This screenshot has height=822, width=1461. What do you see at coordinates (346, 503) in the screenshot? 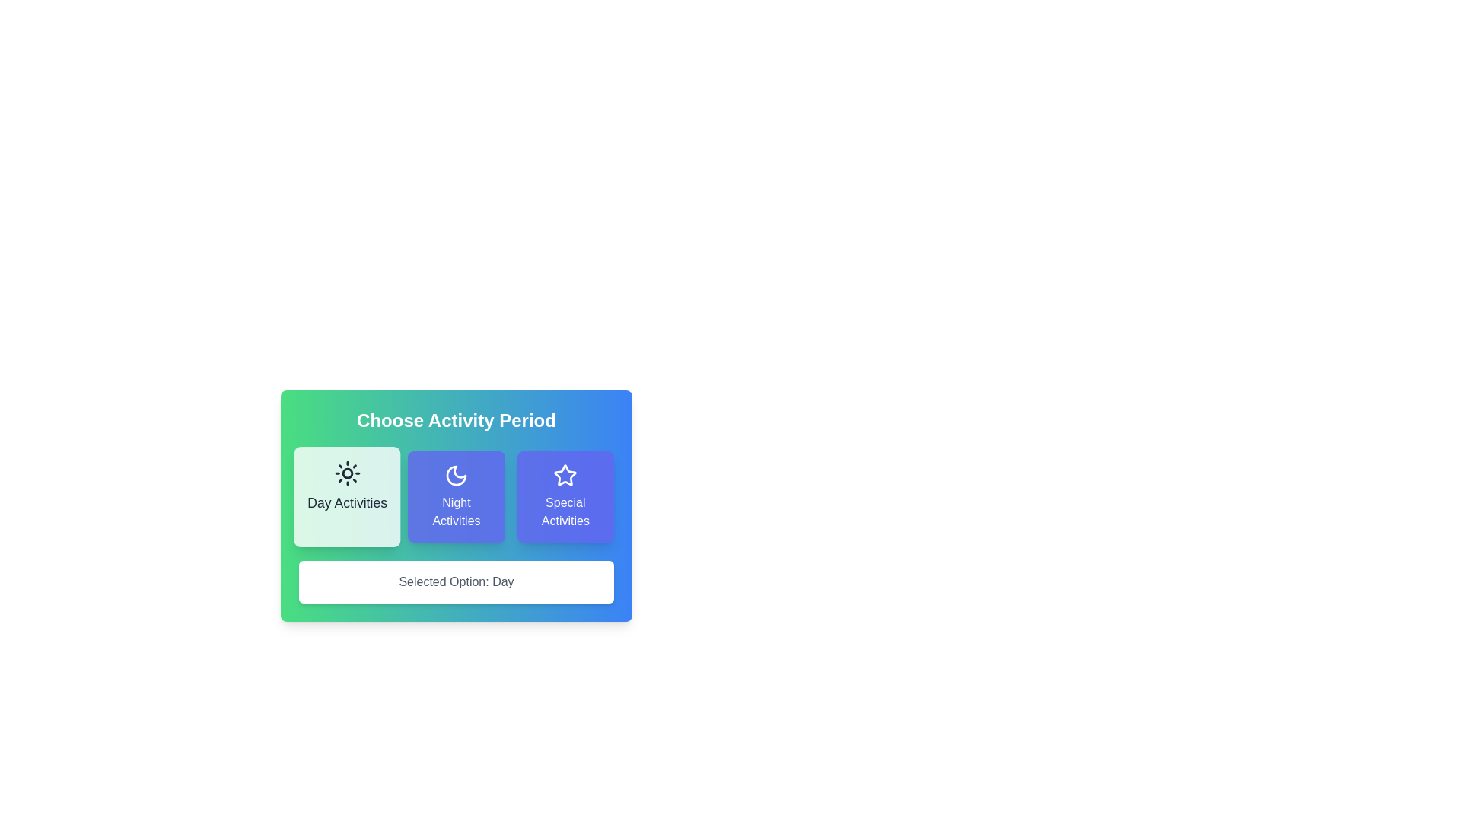
I see `the text label reading 'Day Activities', which is styled with medium font weight and positioned below a sun icon` at bounding box center [346, 503].